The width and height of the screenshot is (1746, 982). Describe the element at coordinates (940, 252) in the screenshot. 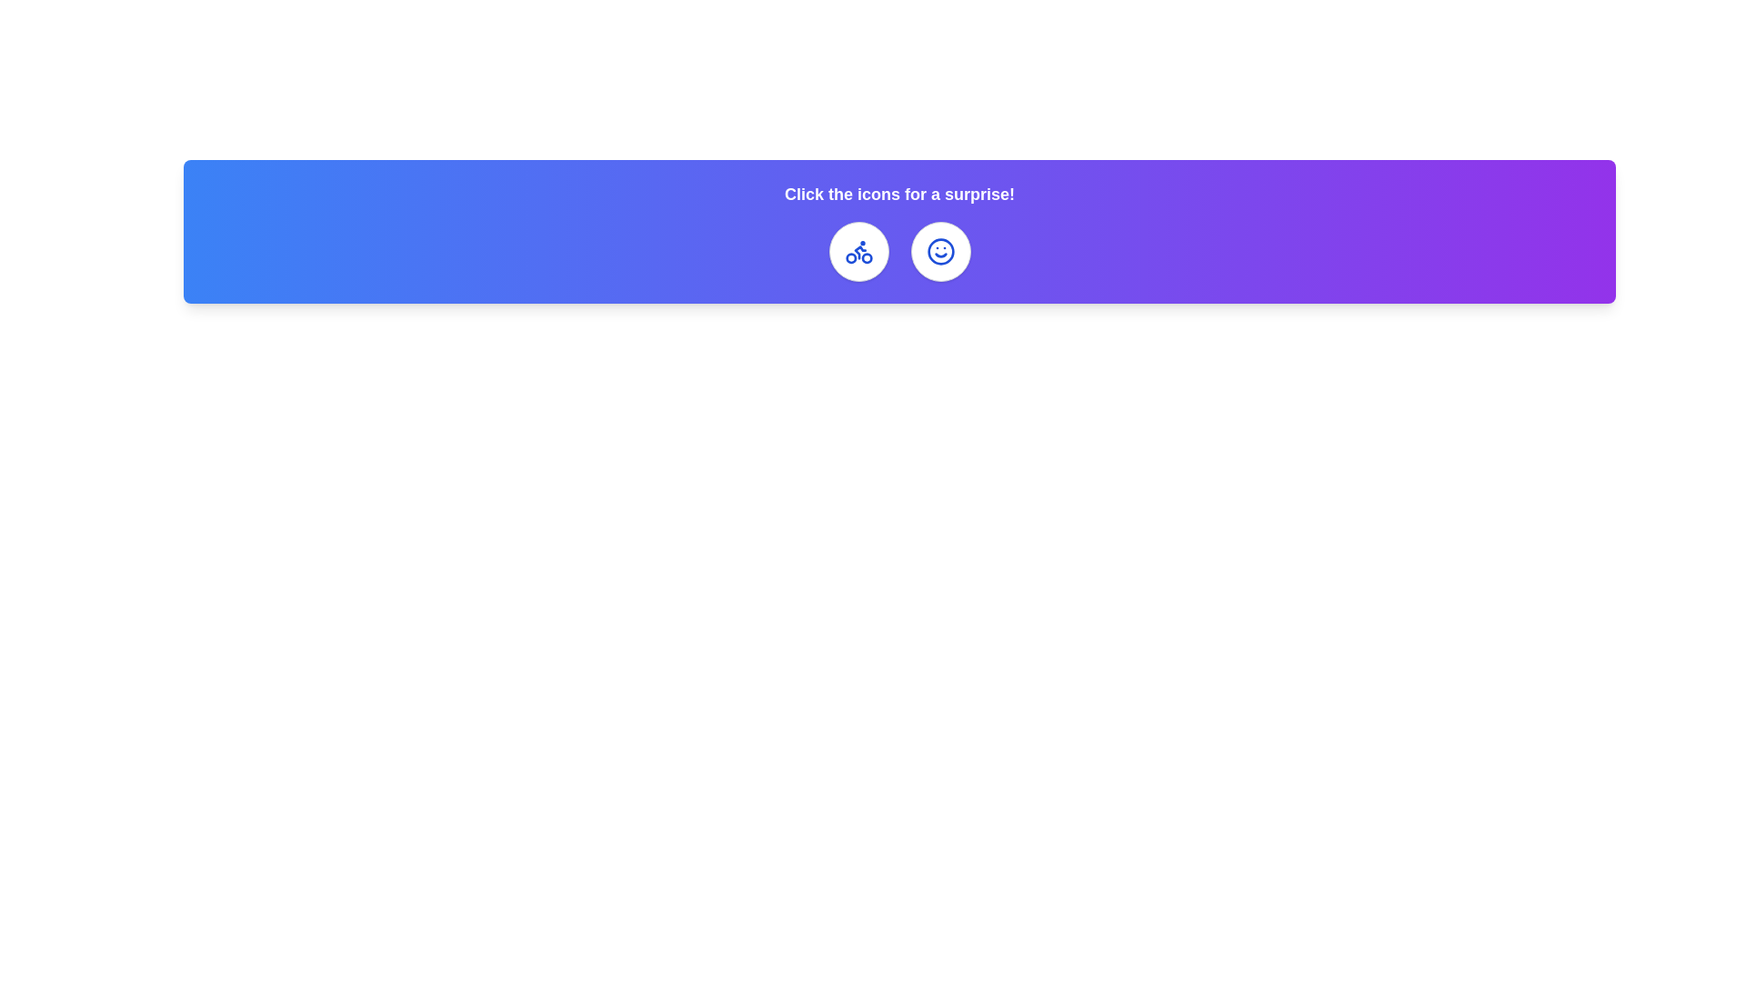

I see `the cheerful icon button located to the right of the bicycle icon` at that location.